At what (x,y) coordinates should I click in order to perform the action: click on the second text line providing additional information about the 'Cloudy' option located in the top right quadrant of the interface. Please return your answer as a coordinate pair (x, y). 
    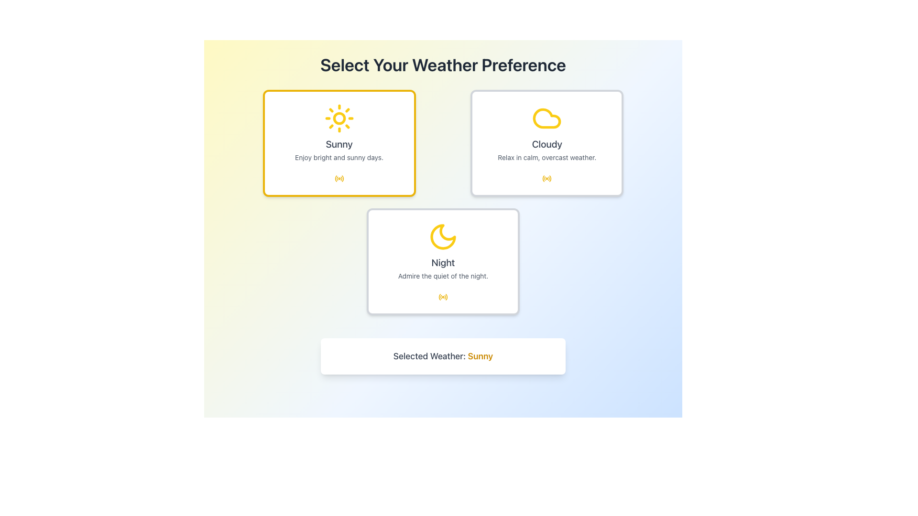
    Looking at the image, I should click on (547, 157).